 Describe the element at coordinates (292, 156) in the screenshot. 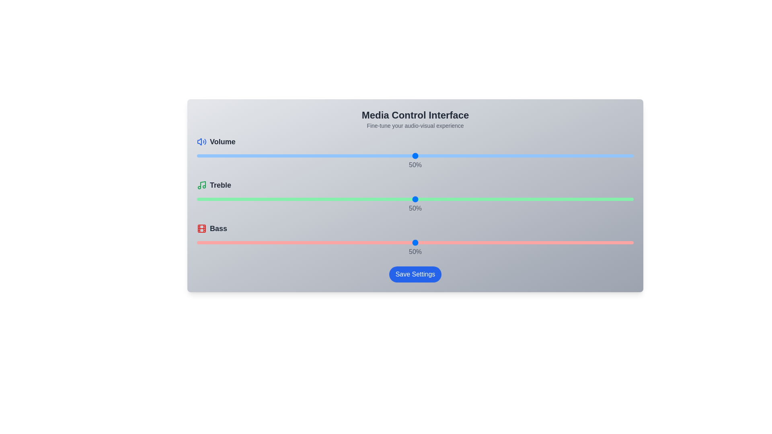

I see `the slider value` at that location.